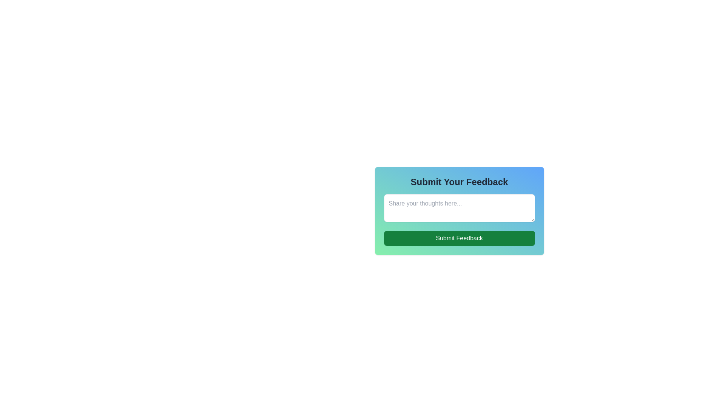  Describe the element at coordinates (459, 211) in the screenshot. I see `the Text Input Field located beneath the header 'Submit Your Feedback'` at that location.